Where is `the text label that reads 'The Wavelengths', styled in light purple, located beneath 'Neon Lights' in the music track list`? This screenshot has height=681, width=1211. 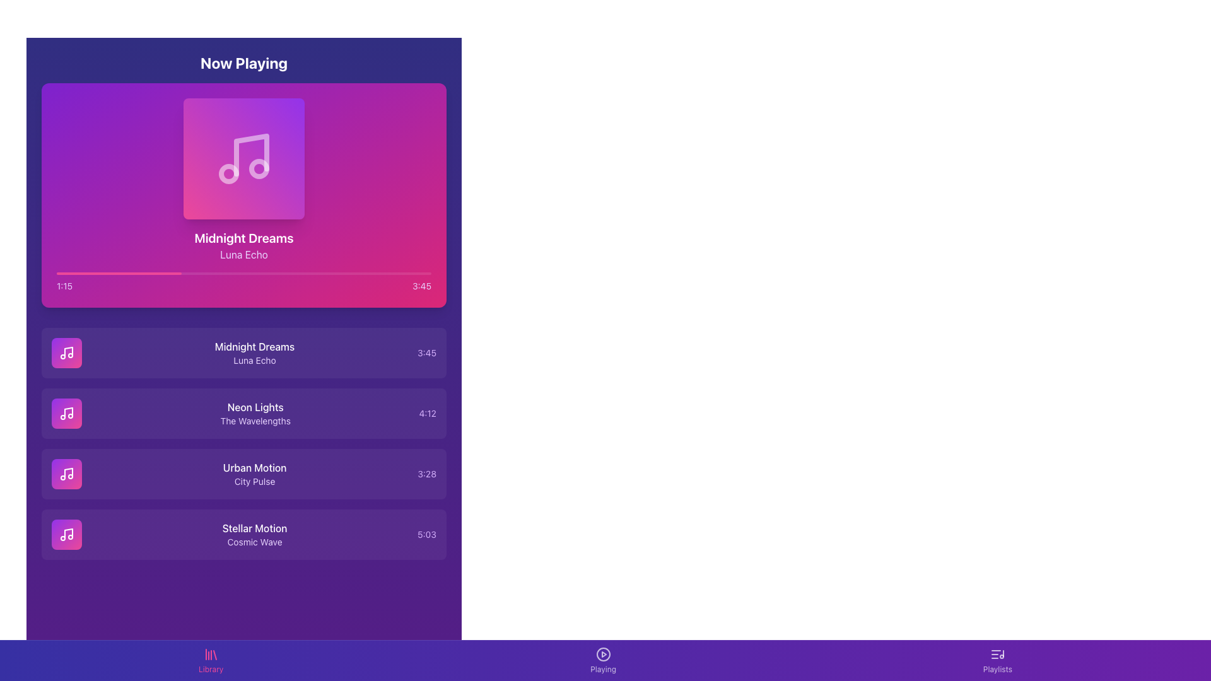 the text label that reads 'The Wavelengths', styled in light purple, located beneath 'Neon Lights' in the music track list is located at coordinates (255, 421).